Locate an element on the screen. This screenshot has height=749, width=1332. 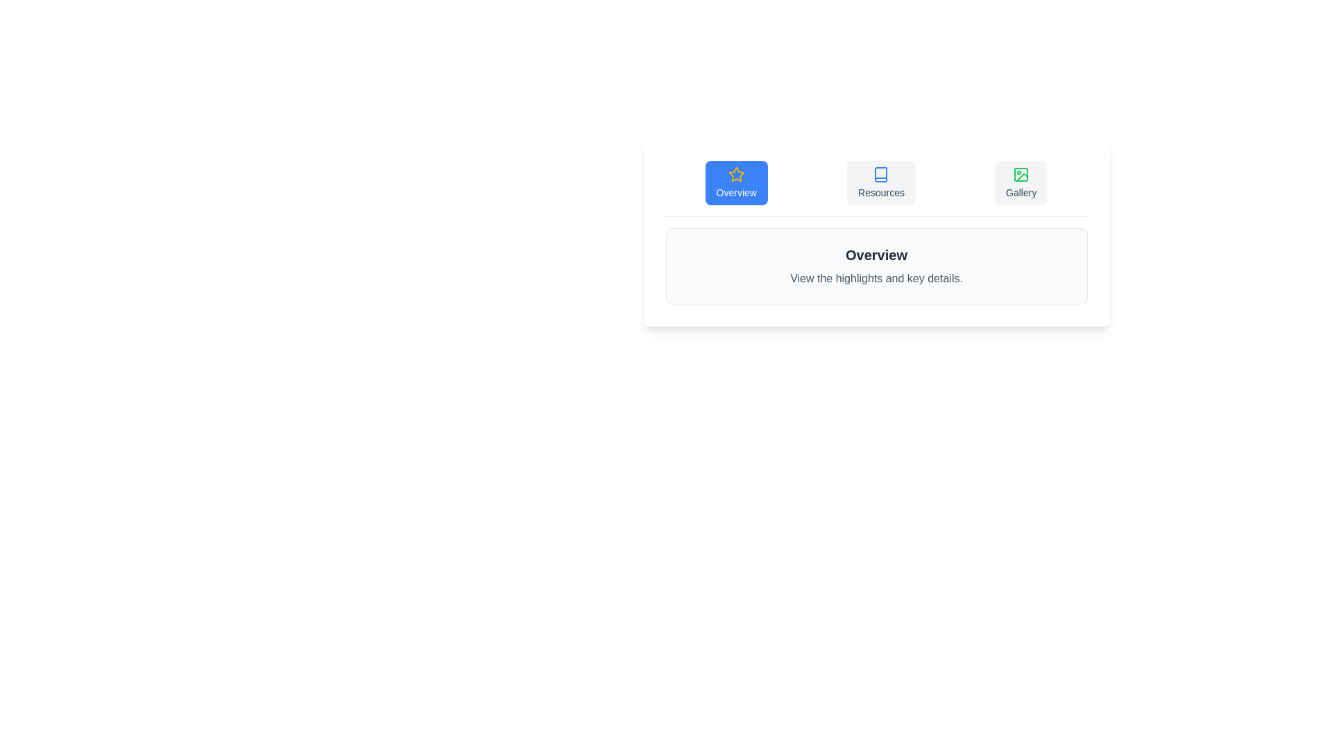
the icon of the Resources tab is located at coordinates (880, 173).